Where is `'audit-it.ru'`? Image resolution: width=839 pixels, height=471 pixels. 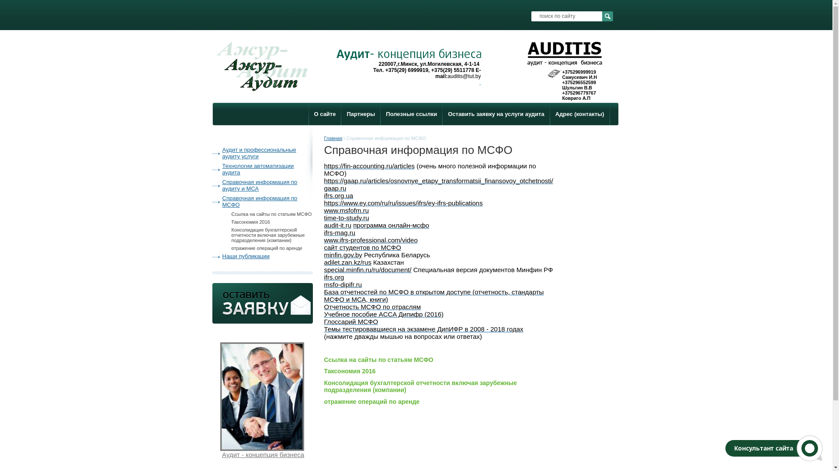
'audit-it.ru' is located at coordinates (337, 225).